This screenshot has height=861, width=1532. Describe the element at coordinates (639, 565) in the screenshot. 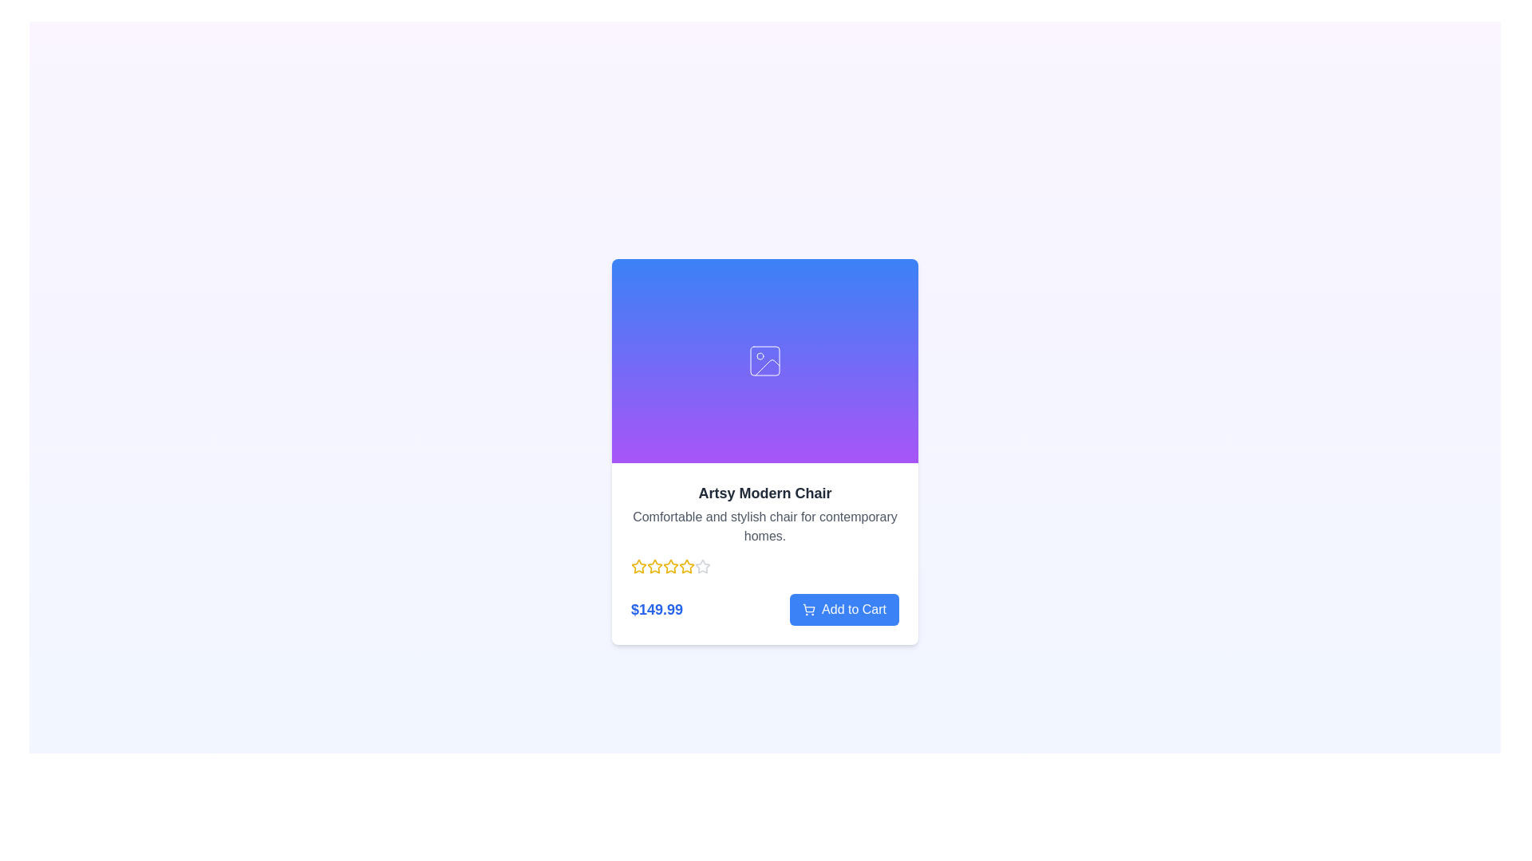

I see `the first yellow star-shaped rating icon located below the 'Artsy Modern Chair' title and above the price in the card element` at that location.